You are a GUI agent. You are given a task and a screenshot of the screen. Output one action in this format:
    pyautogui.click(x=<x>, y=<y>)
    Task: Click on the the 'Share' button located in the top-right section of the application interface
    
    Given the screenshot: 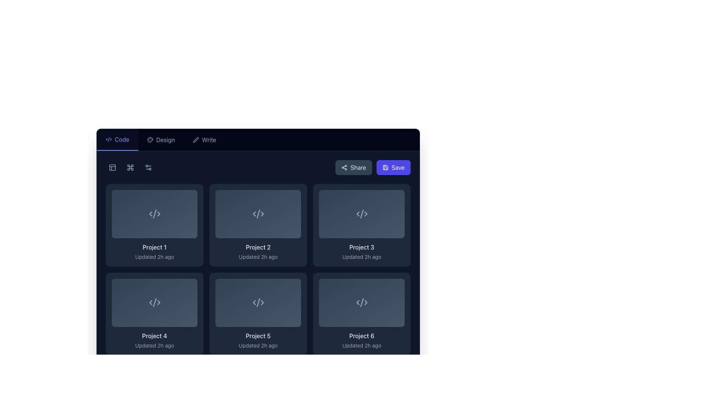 What is the action you would take?
    pyautogui.click(x=358, y=167)
    